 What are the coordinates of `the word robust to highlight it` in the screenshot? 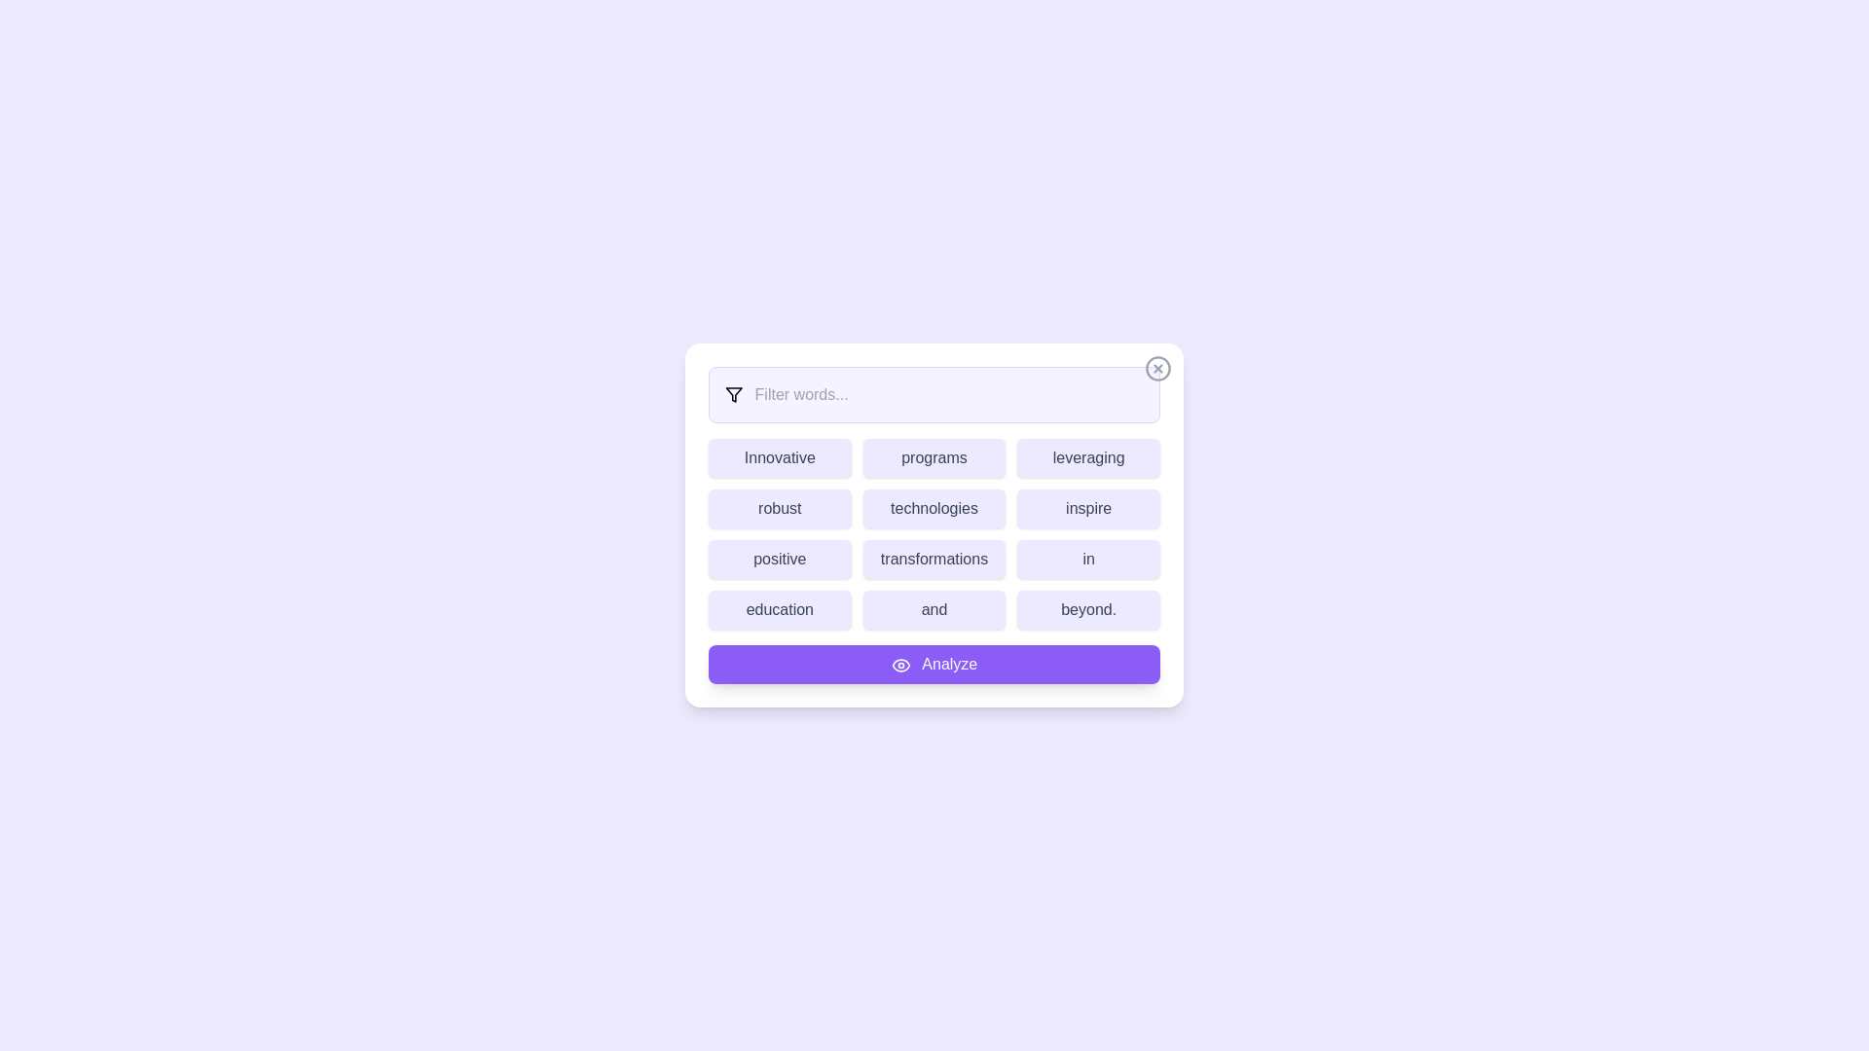 It's located at (780, 508).